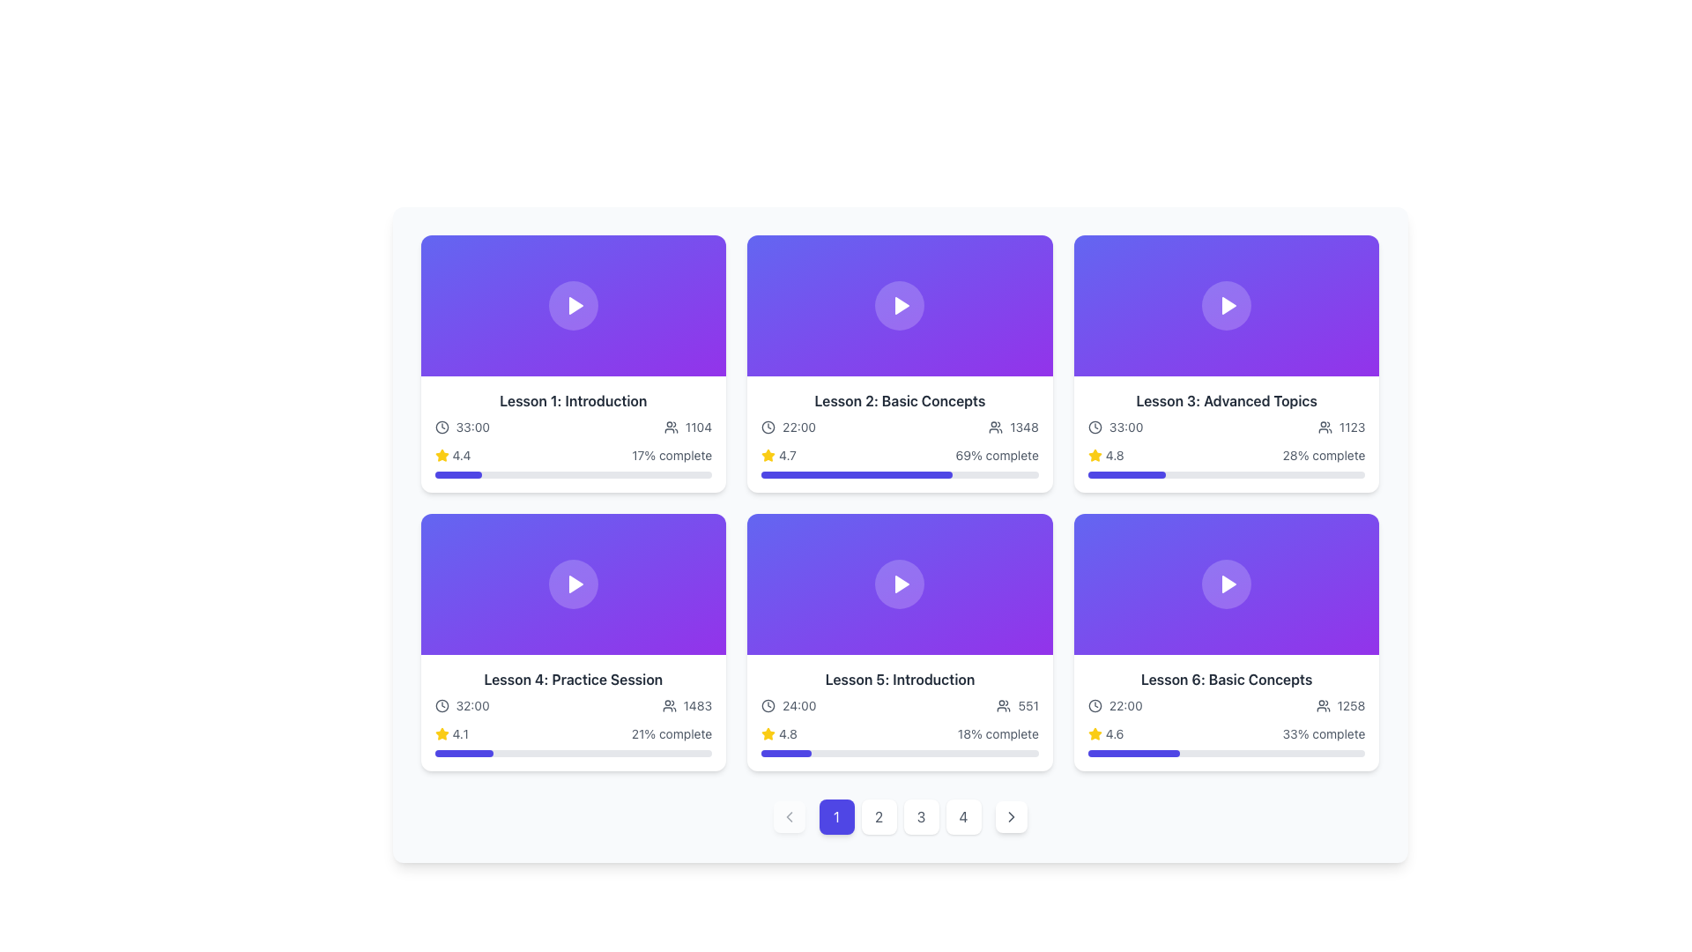 The height and width of the screenshot is (952, 1692). Describe the element at coordinates (998, 734) in the screenshot. I see `text content of the Text Label displaying the completion percentage for 'Lesson 5: Introduction', located in the bottom-right corner of the card adjacent to a gray progress bar` at that location.